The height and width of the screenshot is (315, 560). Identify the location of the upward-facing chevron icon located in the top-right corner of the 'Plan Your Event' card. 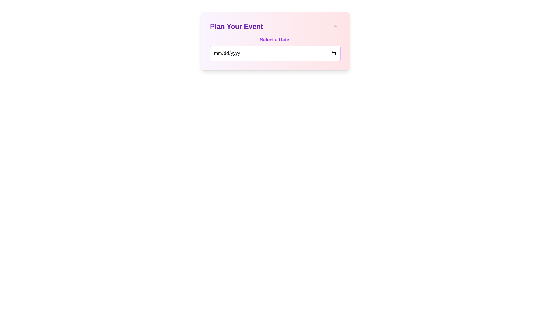
(335, 27).